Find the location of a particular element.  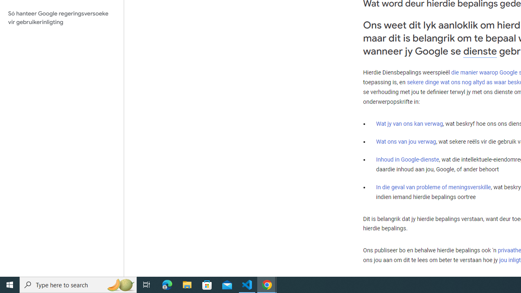

'In die geval van probleme of meningsverskille' is located at coordinates (433, 187).